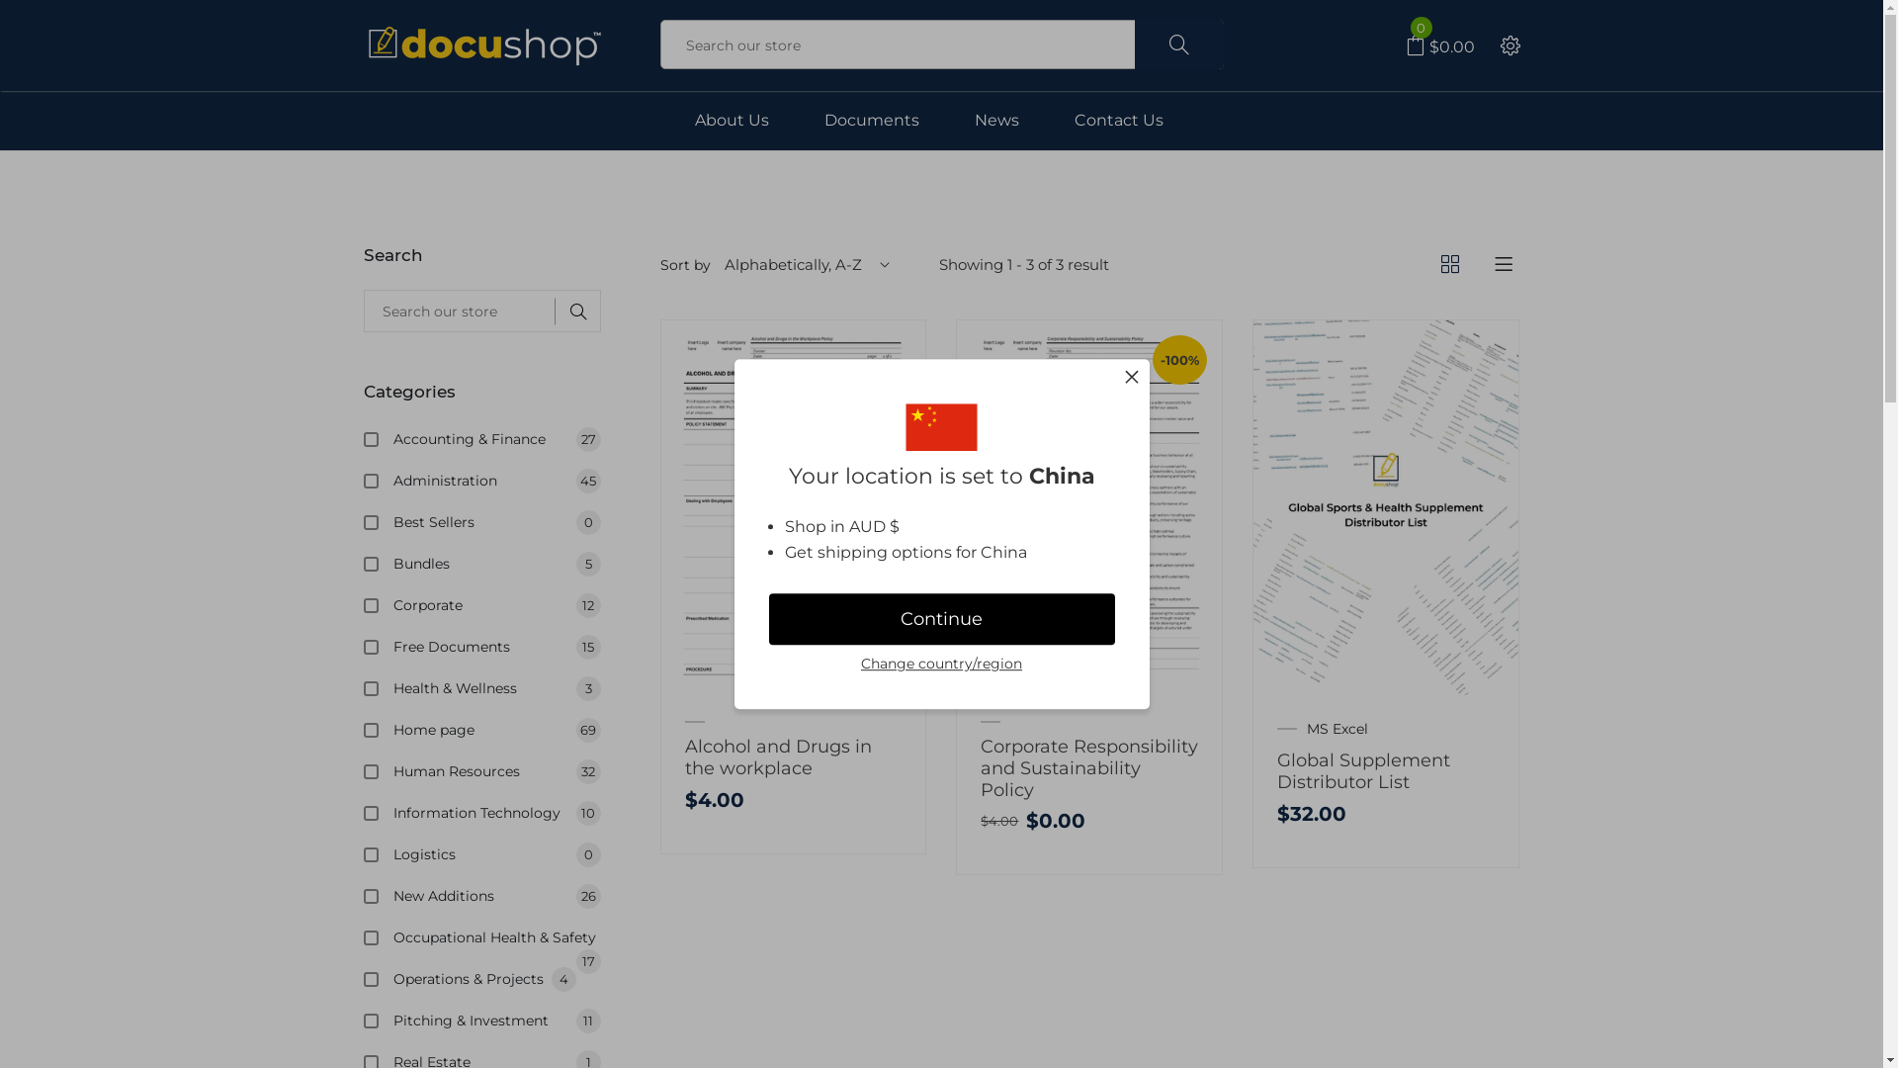  What do you see at coordinates (776, 756) in the screenshot?
I see `'Alcohol and Drugs in the workplace'` at bounding box center [776, 756].